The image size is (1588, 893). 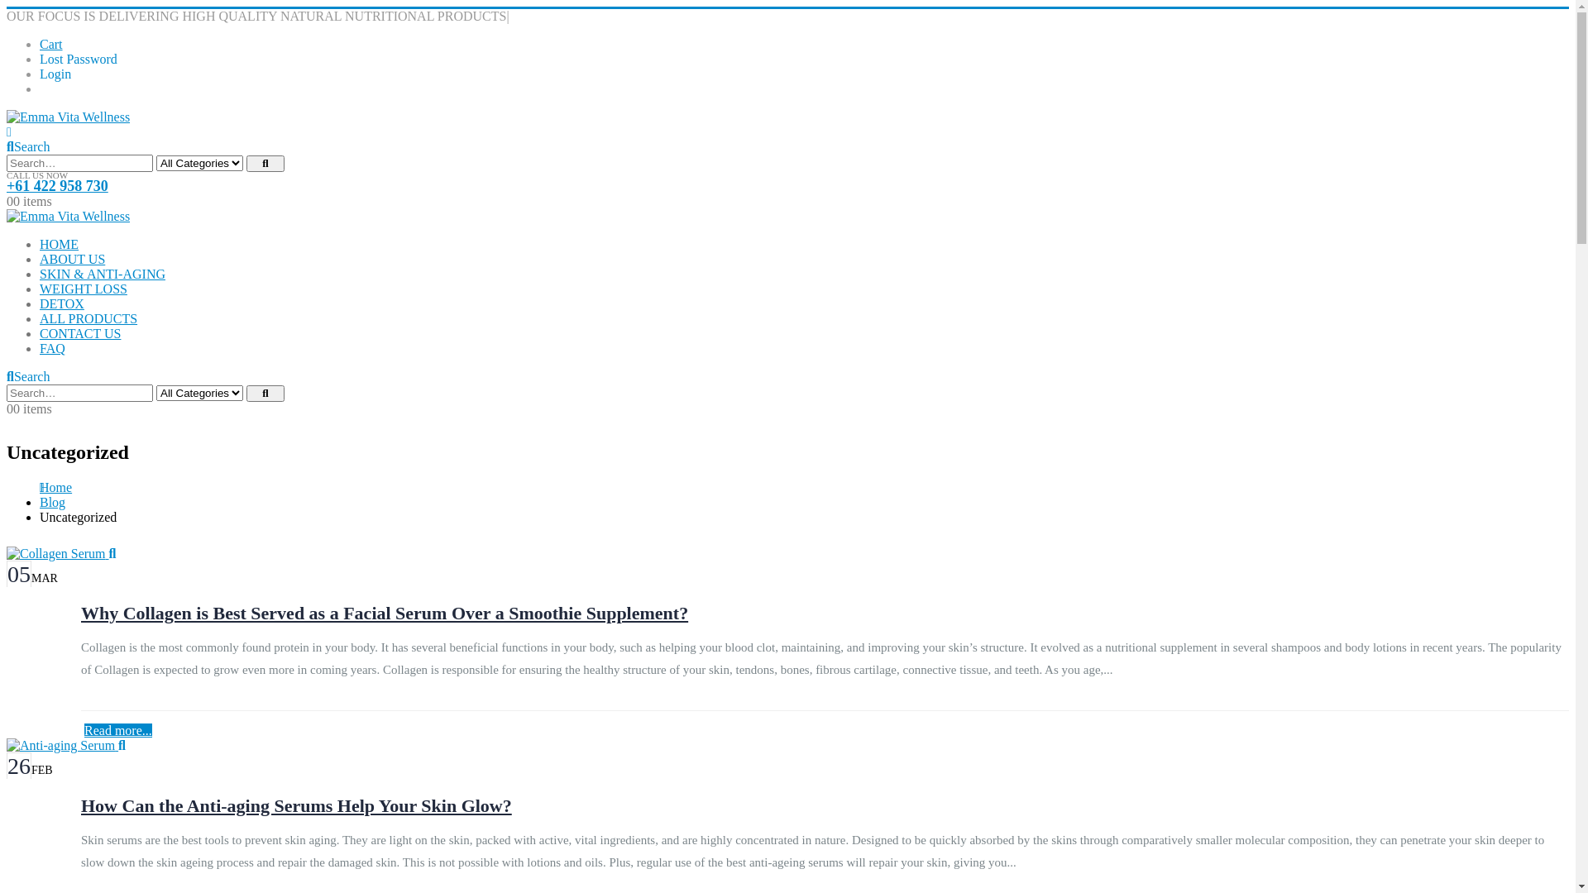 What do you see at coordinates (40, 347) in the screenshot?
I see `'FAQ'` at bounding box center [40, 347].